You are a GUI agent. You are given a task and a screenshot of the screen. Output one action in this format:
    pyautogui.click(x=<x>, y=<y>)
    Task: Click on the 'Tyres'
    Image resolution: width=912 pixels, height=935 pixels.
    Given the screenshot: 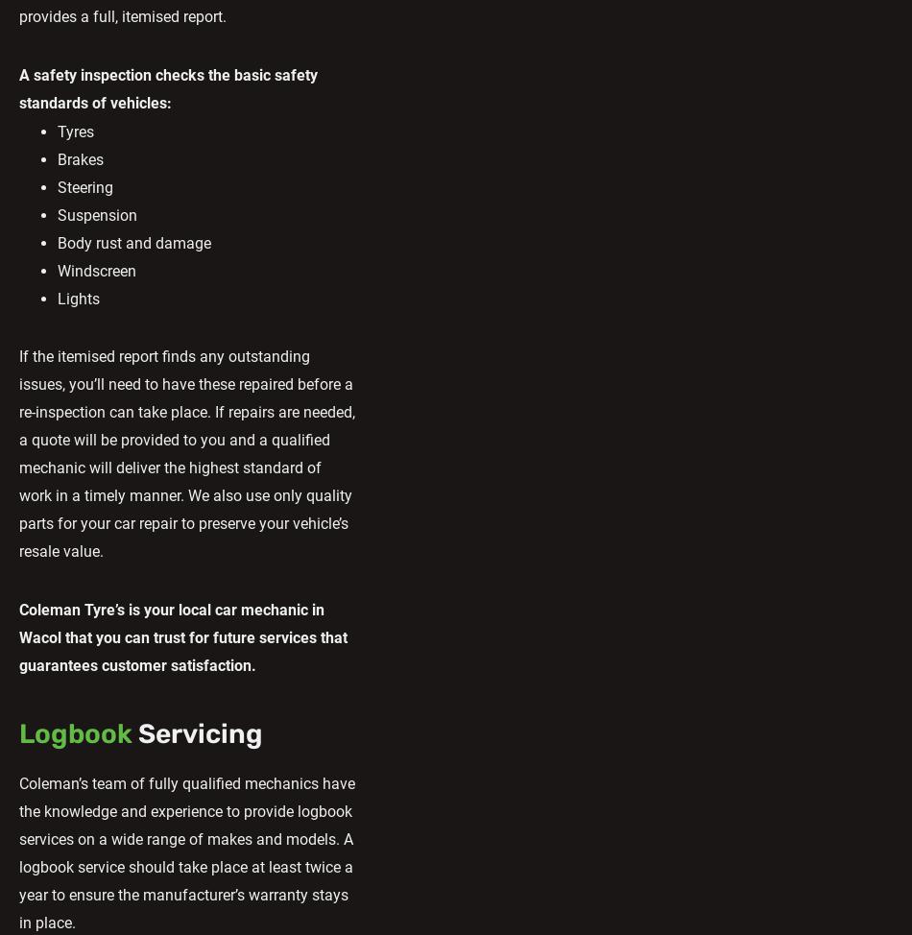 What is the action you would take?
    pyautogui.click(x=76, y=131)
    